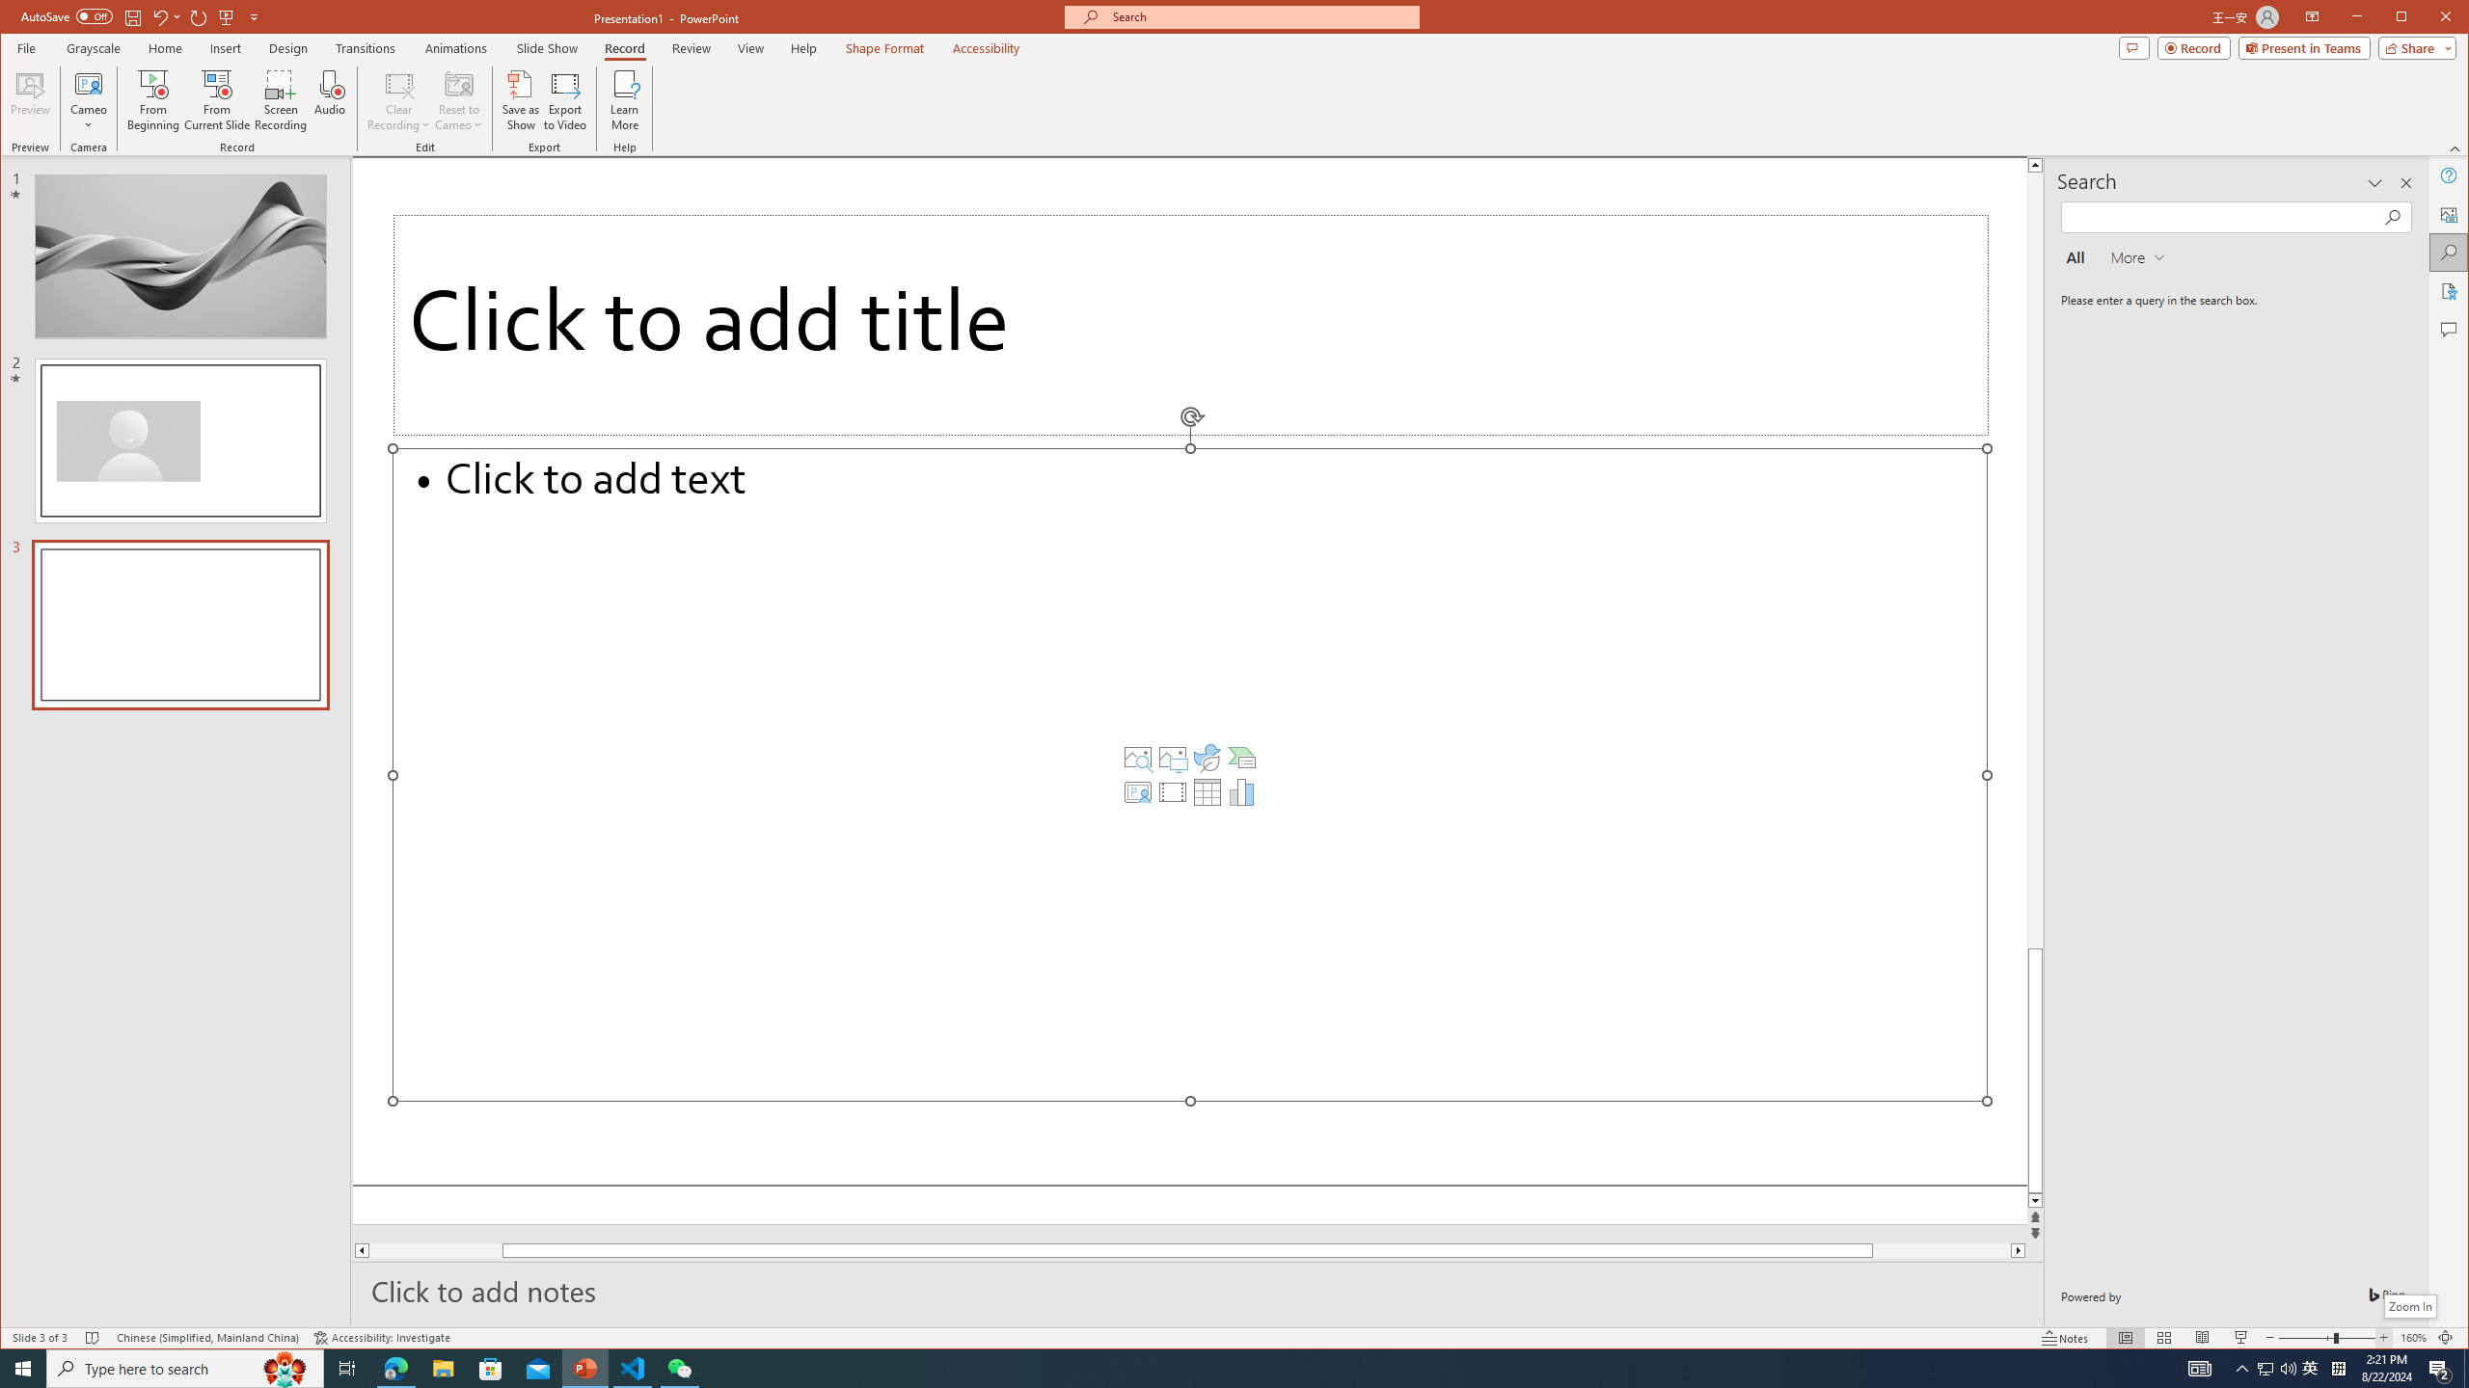  I want to click on 'Alt Text', so click(2449, 213).